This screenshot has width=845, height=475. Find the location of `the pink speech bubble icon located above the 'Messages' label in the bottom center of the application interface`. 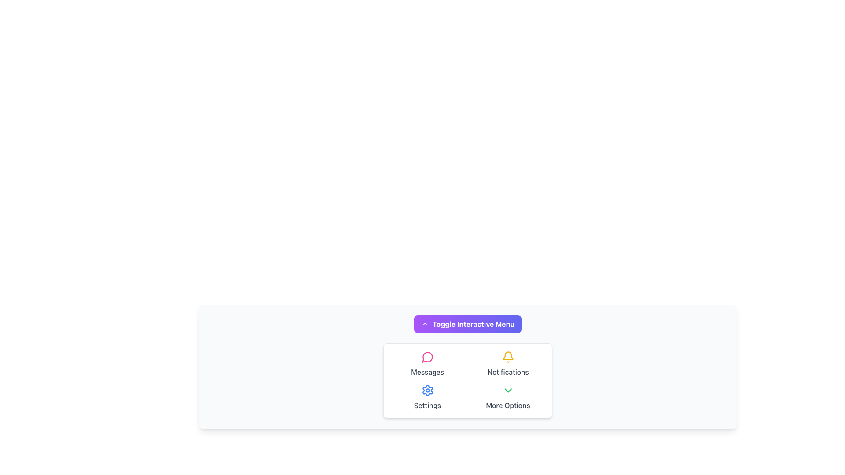

the pink speech bubble icon located above the 'Messages' label in the bottom center of the application interface is located at coordinates (427, 357).